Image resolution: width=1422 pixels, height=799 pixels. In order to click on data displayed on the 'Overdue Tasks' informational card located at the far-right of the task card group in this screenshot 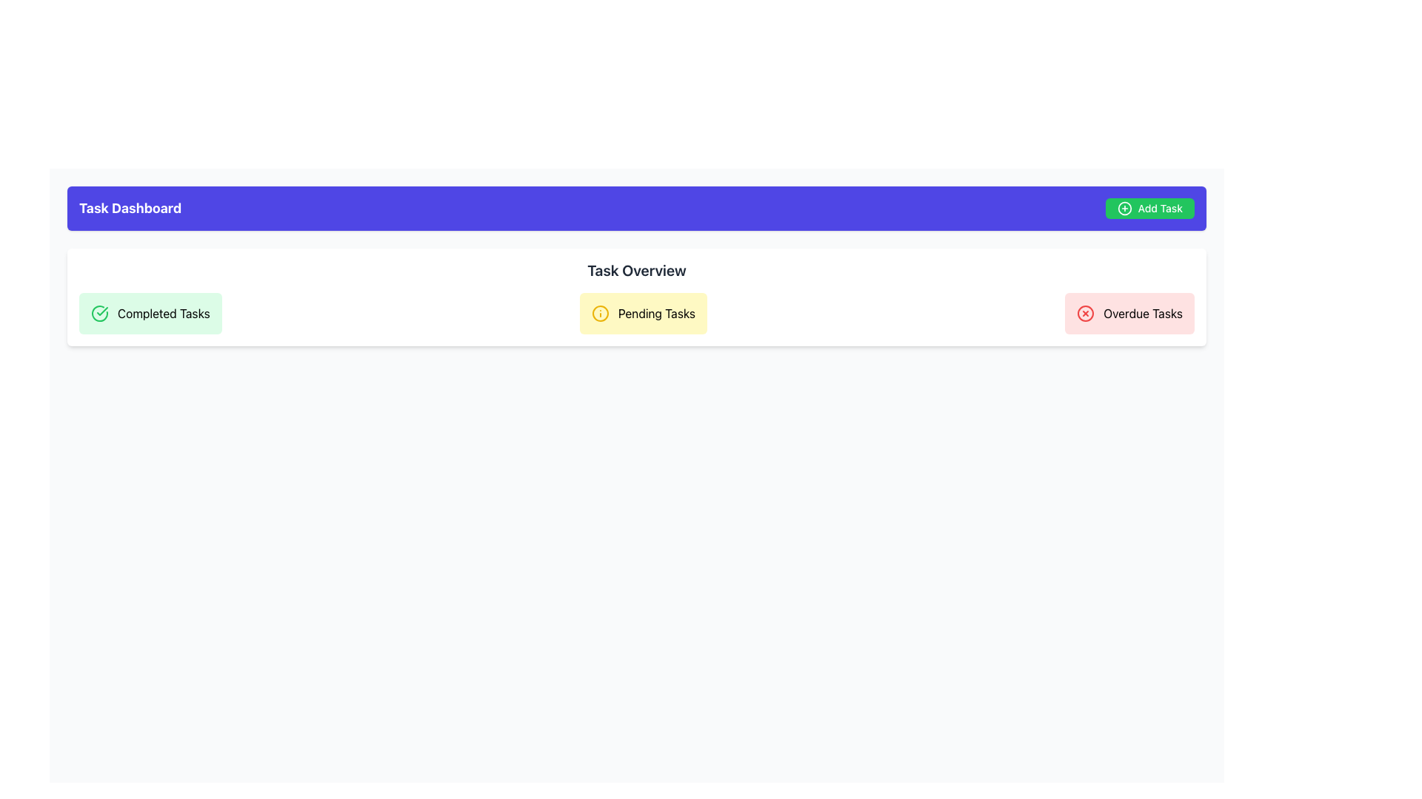, I will do `click(1129, 313)`.